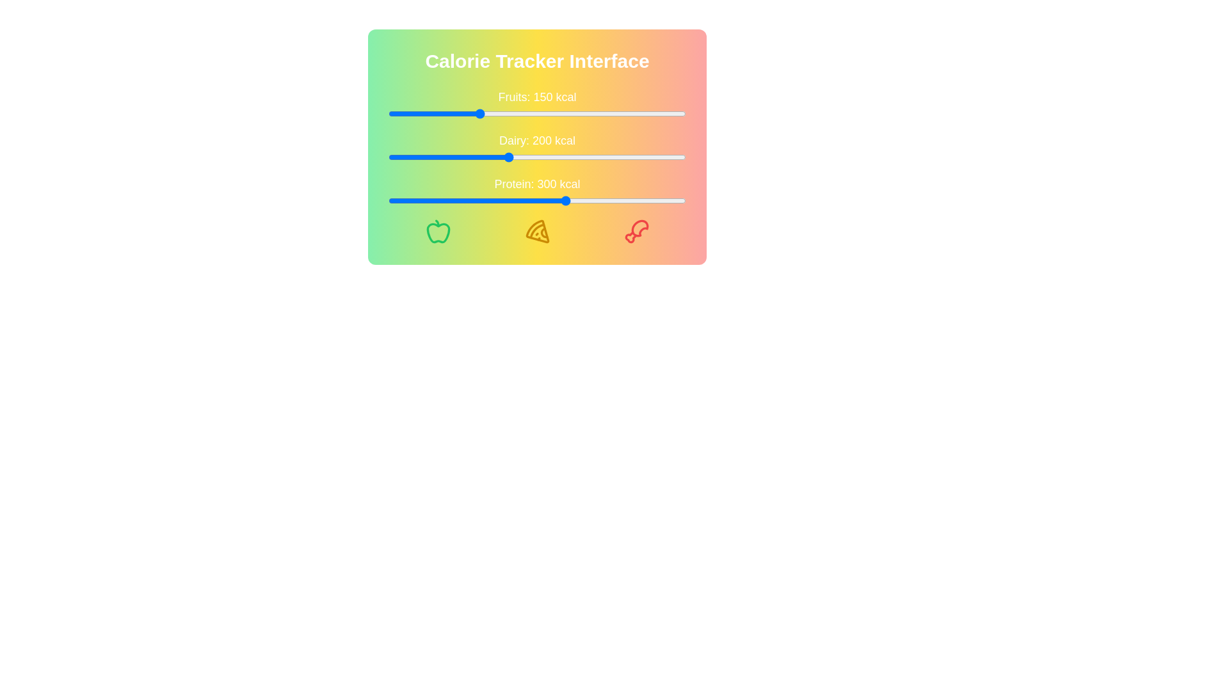 Image resolution: width=1229 pixels, height=691 pixels. What do you see at coordinates (617, 113) in the screenshot?
I see `the calorie slider for 'Fruits' to 385 kcal` at bounding box center [617, 113].